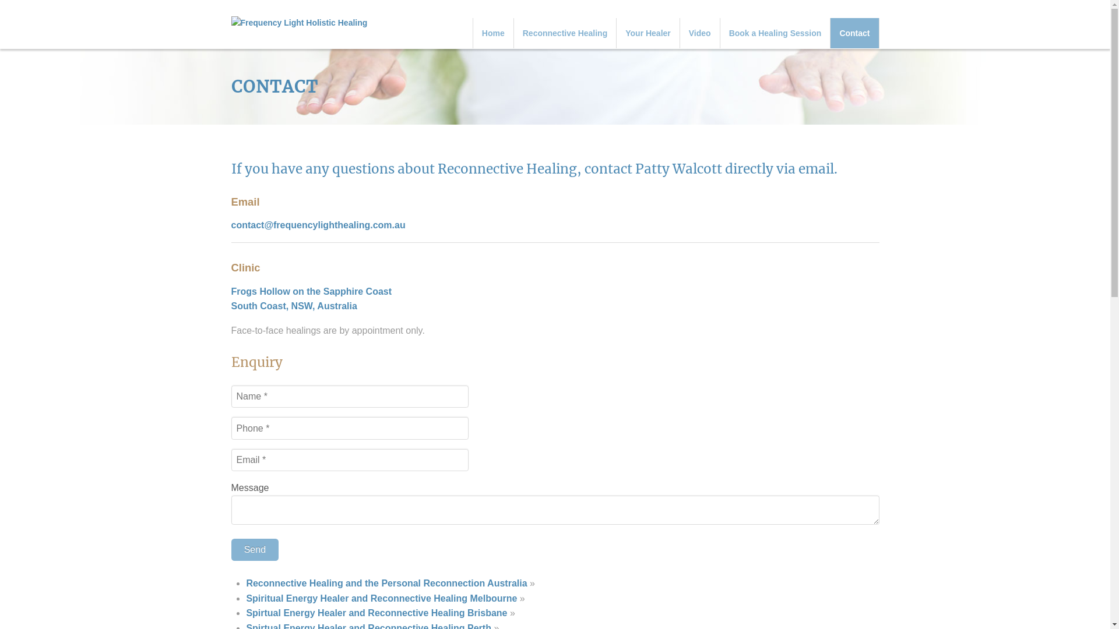 This screenshot has width=1119, height=629. What do you see at coordinates (299, 23) in the screenshot?
I see `'Energy Healer and Reconnective Healing Sydney Australia'` at bounding box center [299, 23].